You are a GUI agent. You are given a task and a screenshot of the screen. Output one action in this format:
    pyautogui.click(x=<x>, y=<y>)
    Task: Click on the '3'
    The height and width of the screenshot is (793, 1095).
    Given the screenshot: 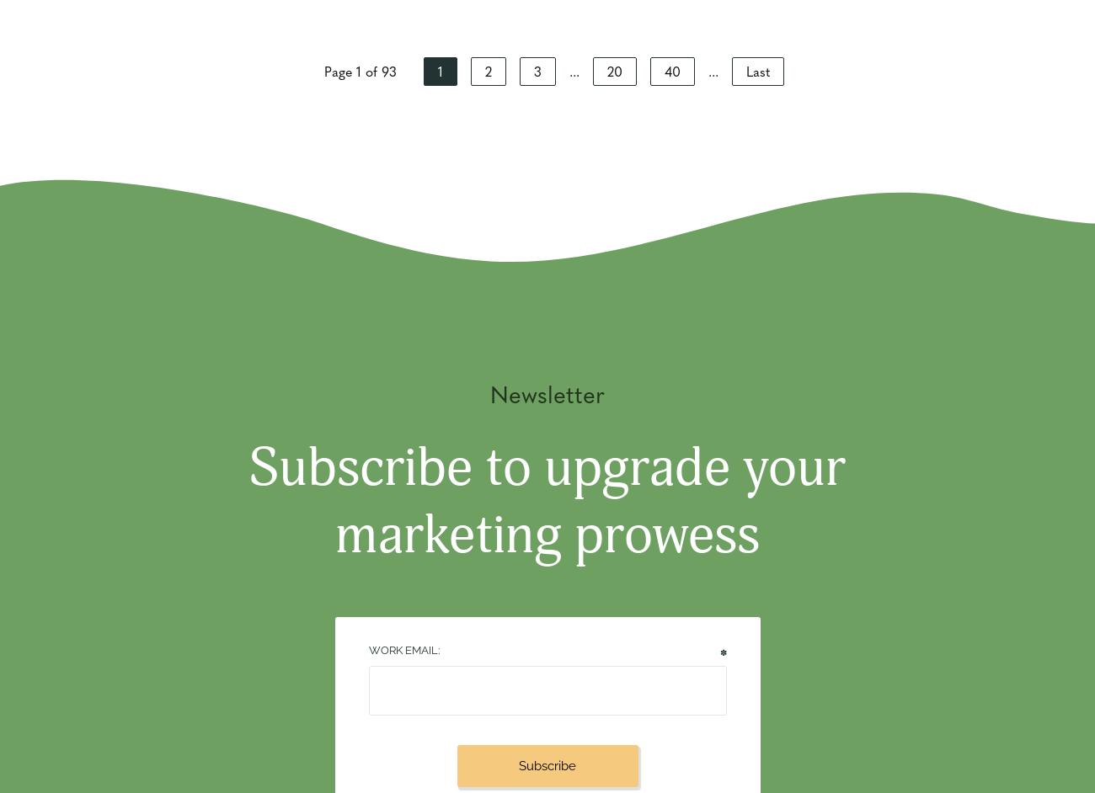 What is the action you would take?
    pyautogui.click(x=534, y=70)
    